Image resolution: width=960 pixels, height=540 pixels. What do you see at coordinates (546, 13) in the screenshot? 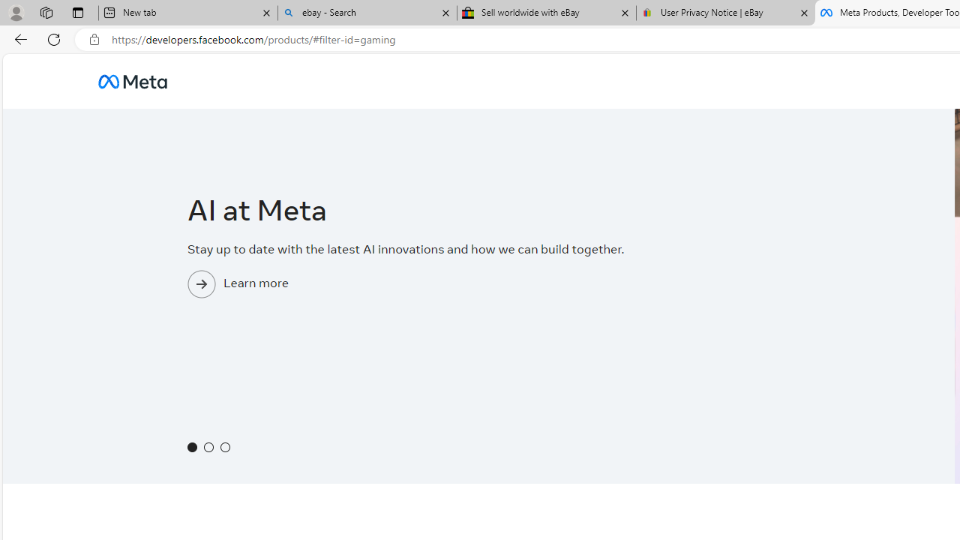
I see `'Sell worldwide with eBay'` at bounding box center [546, 13].